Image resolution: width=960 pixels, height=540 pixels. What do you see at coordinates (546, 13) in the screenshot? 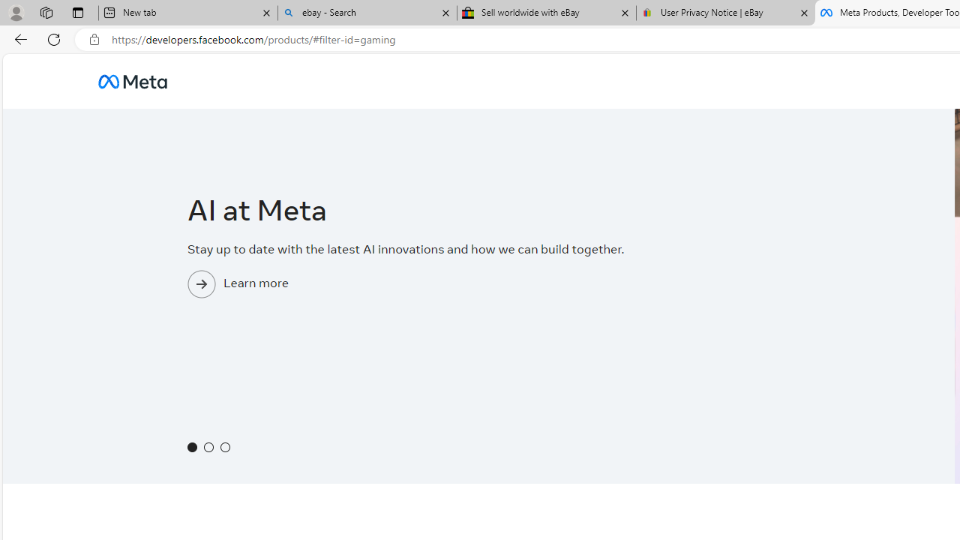
I see `'Sell worldwide with eBay'` at bounding box center [546, 13].